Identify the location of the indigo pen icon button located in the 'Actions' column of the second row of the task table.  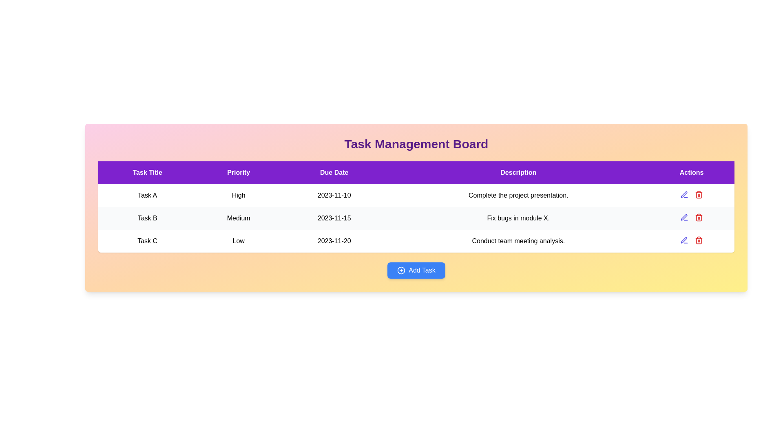
(684, 195).